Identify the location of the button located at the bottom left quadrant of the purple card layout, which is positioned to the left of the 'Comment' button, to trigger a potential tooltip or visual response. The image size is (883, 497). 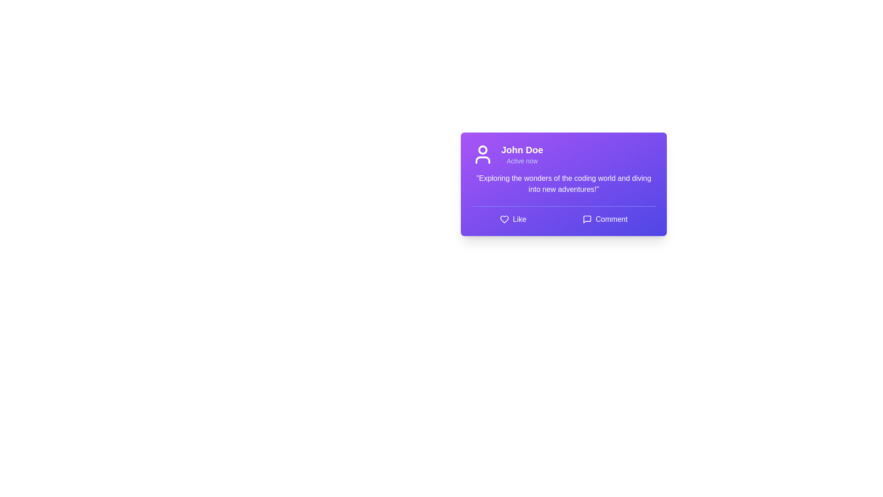
(512, 220).